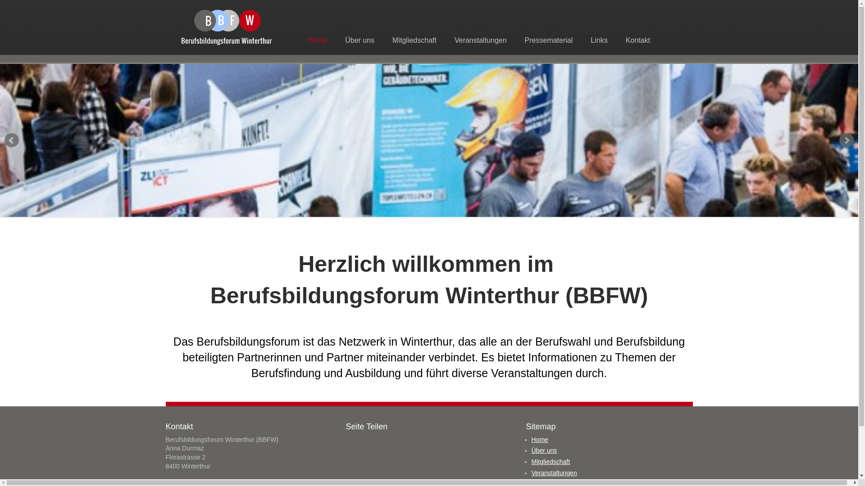 The image size is (865, 486). I want to click on 'Mitgliedschaft', so click(551, 462).